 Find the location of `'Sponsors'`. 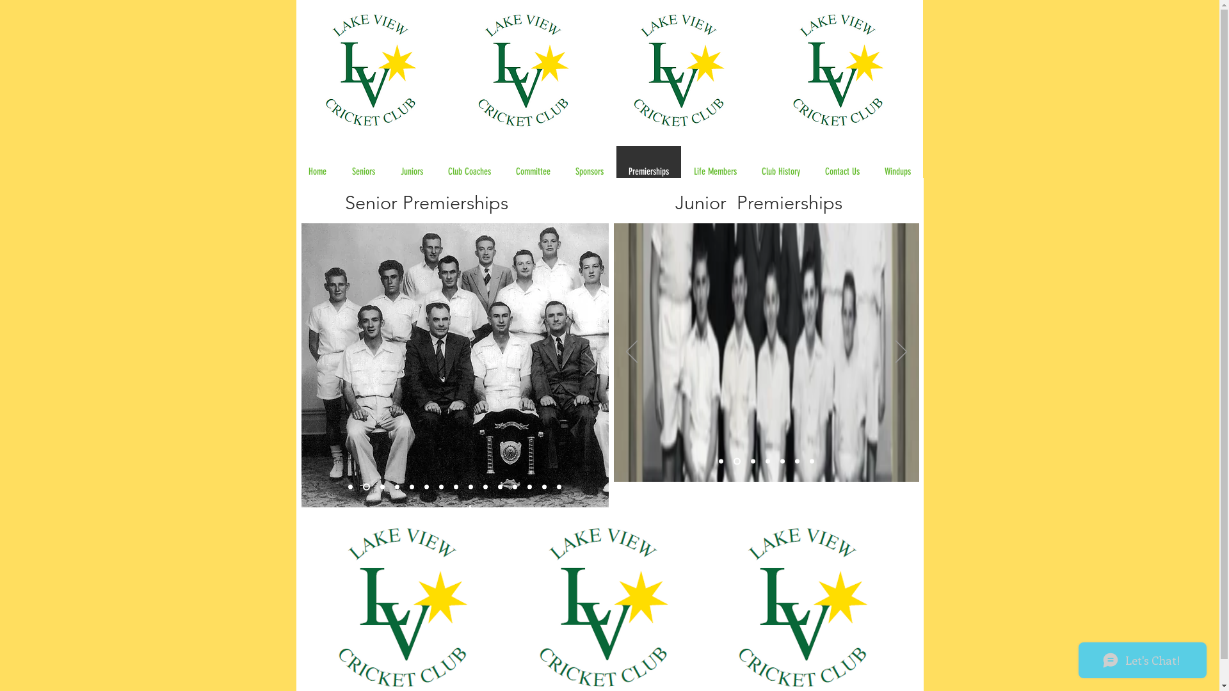

'Sponsors' is located at coordinates (588, 171).